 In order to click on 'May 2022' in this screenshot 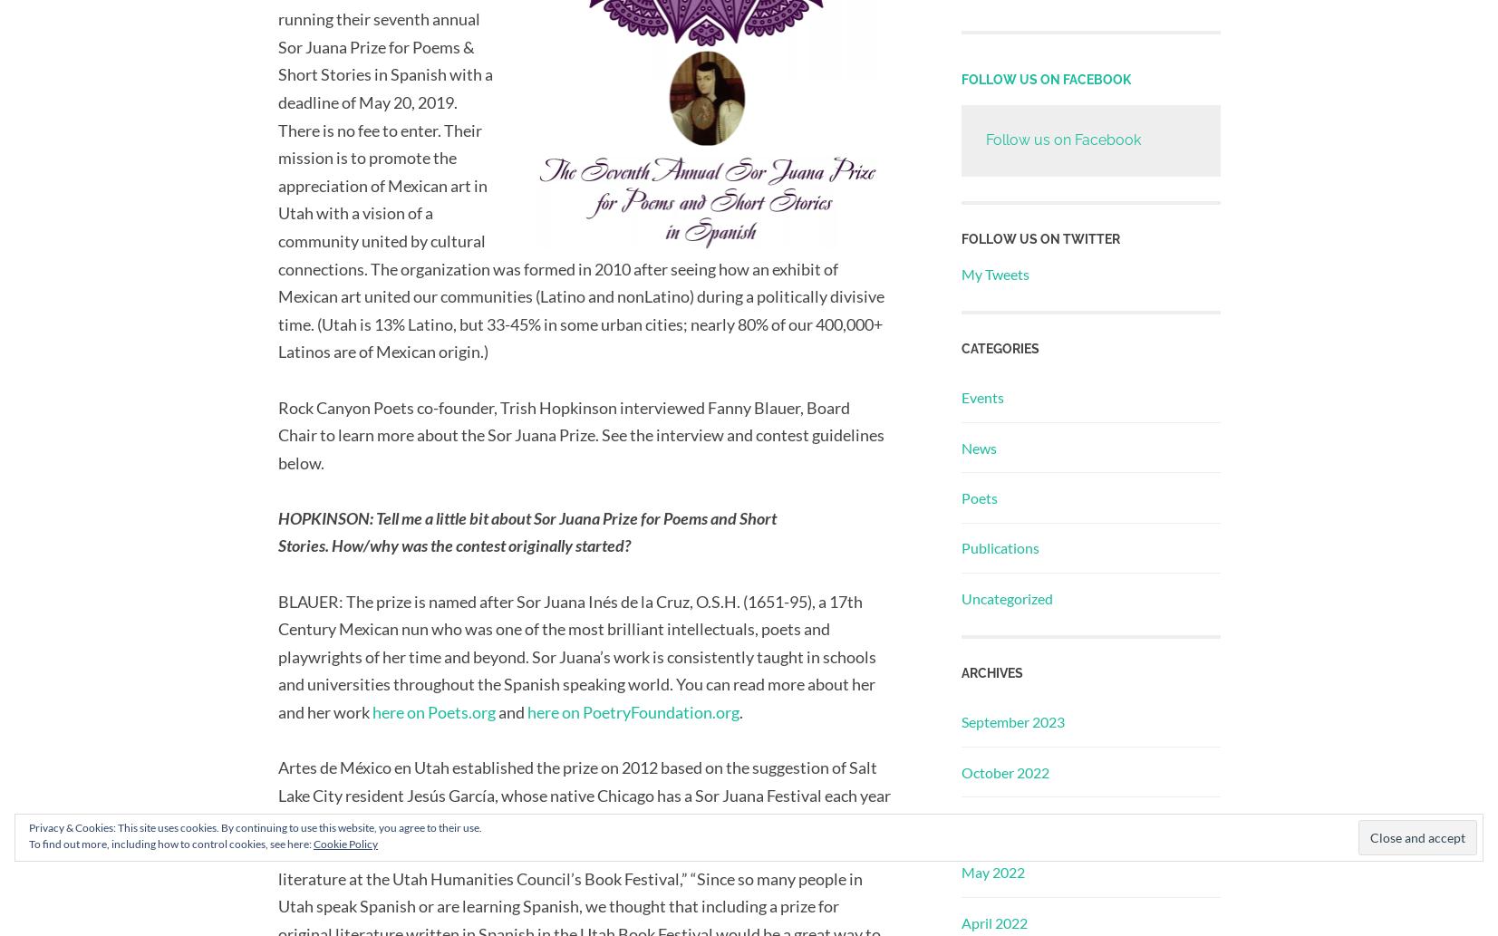, I will do `click(991, 871)`.